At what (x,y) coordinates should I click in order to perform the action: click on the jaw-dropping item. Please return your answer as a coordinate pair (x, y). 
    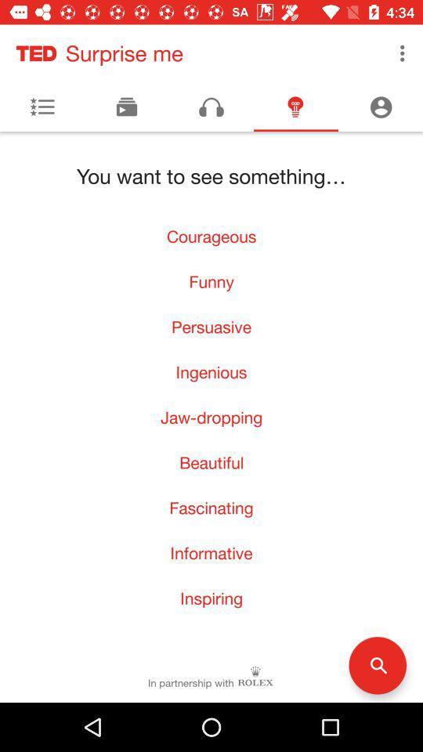
    Looking at the image, I should click on (211, 416).